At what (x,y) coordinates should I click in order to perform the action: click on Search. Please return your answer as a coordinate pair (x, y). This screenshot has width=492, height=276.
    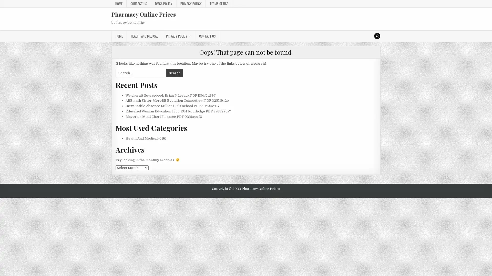
    Looking at the image, I should click on (175, 73).